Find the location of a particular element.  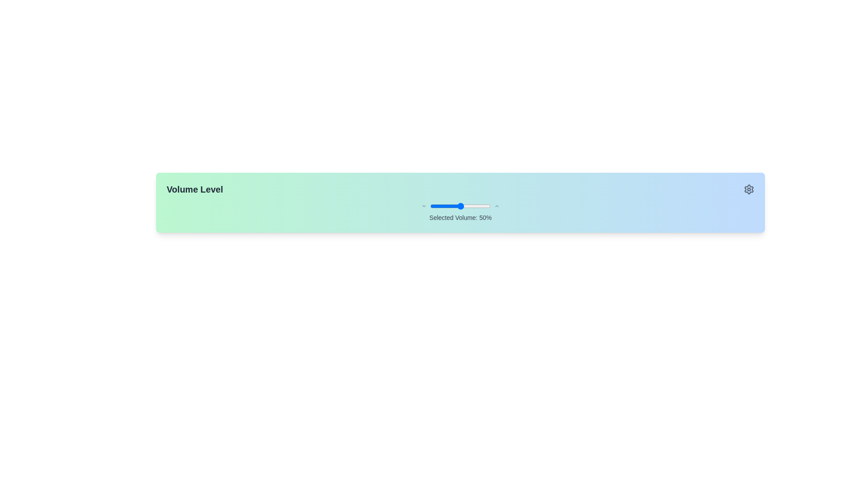

the slider value is located at coordinates (476, 206).